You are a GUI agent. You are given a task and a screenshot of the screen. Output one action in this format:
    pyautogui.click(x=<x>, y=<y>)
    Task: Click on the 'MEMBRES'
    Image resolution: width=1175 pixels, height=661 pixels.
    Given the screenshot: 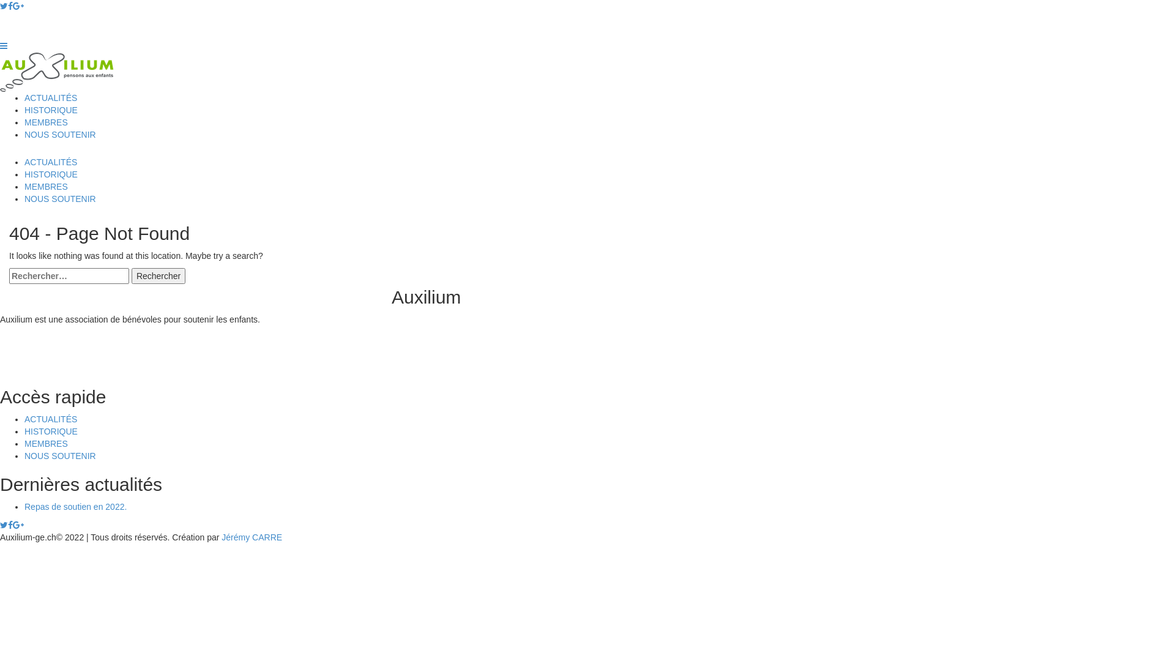 What is the action you would take?
    pyautogui.click(x=46, y=444)
    